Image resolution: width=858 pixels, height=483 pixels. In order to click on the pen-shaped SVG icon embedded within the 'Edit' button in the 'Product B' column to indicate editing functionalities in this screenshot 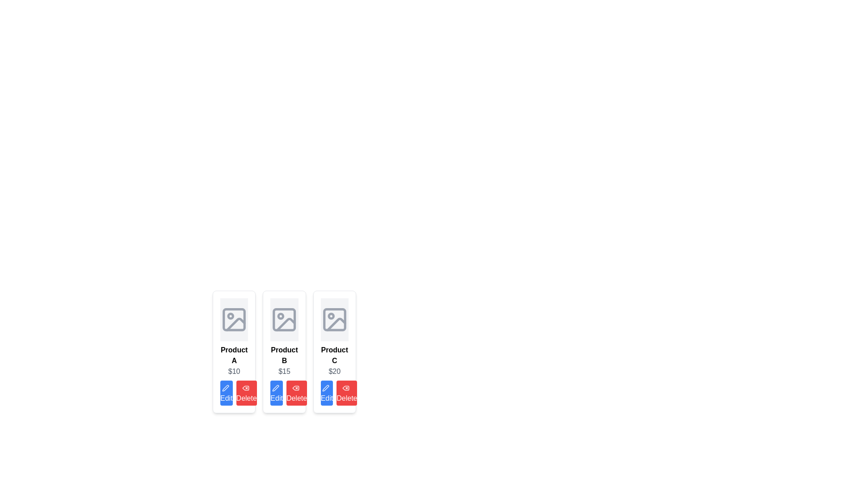, I will do `click(275, 387)`.